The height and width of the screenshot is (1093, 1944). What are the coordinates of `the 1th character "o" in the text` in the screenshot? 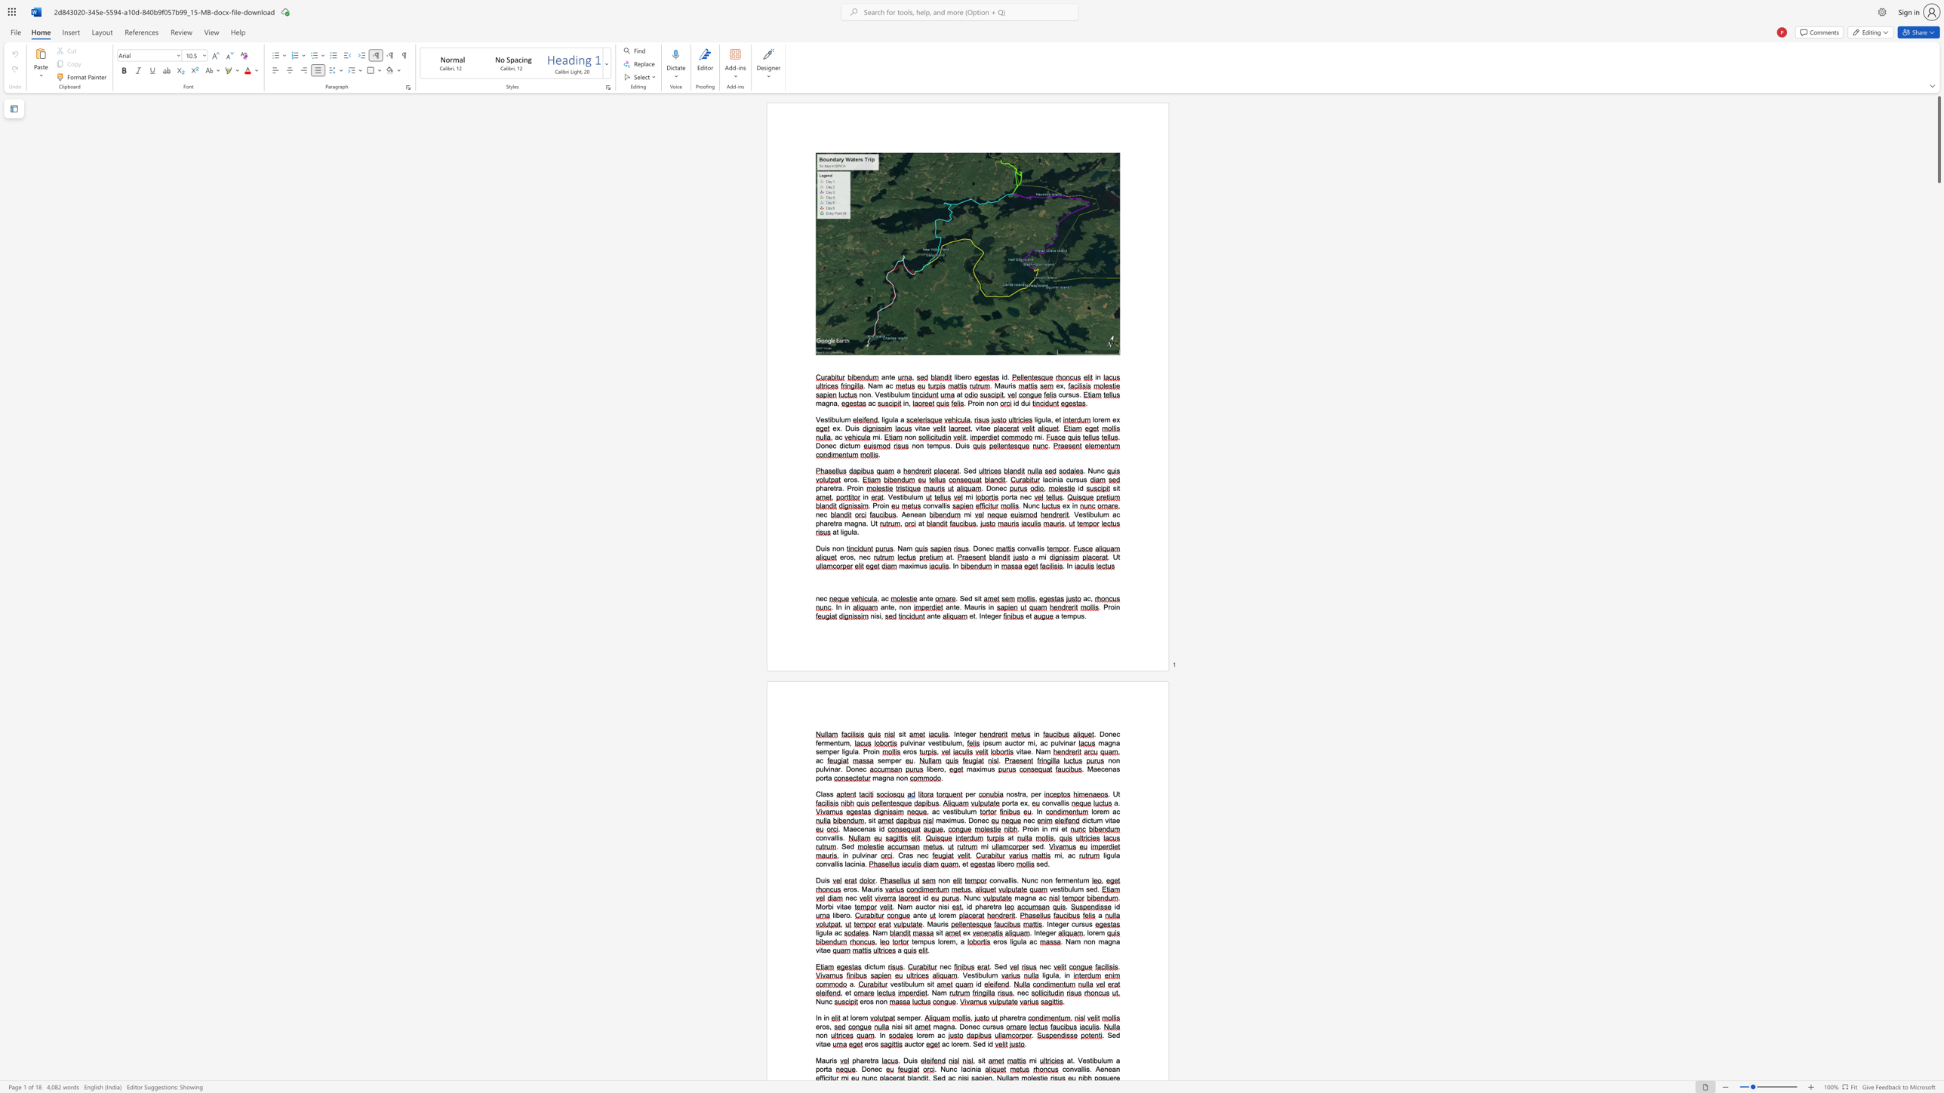 It's located at (847, 557).